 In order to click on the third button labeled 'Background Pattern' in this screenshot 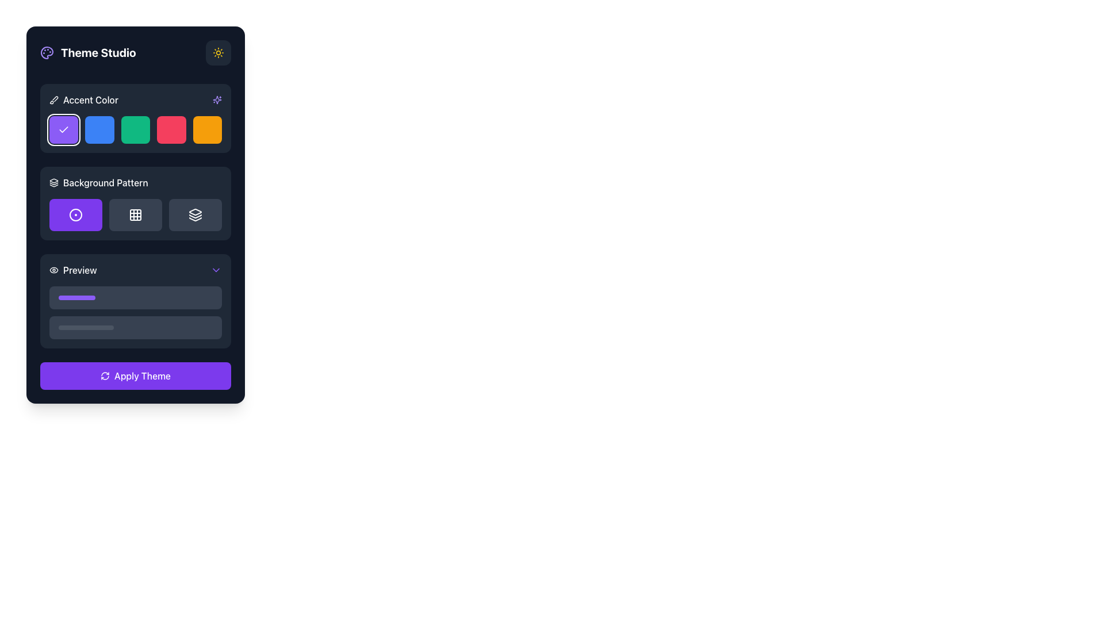, I will do `click(195, 215)`.